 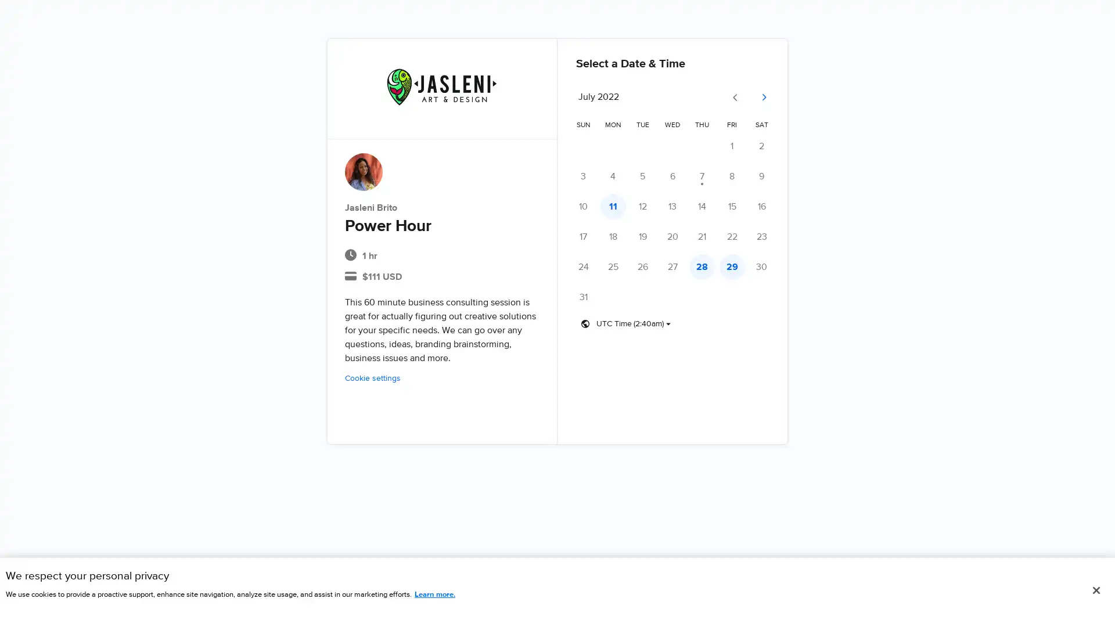 What do you see at coordinates (702, 176) in the screenshot?
I see `Thursday, July 7 - No times available` at bounding box center [702, 176].